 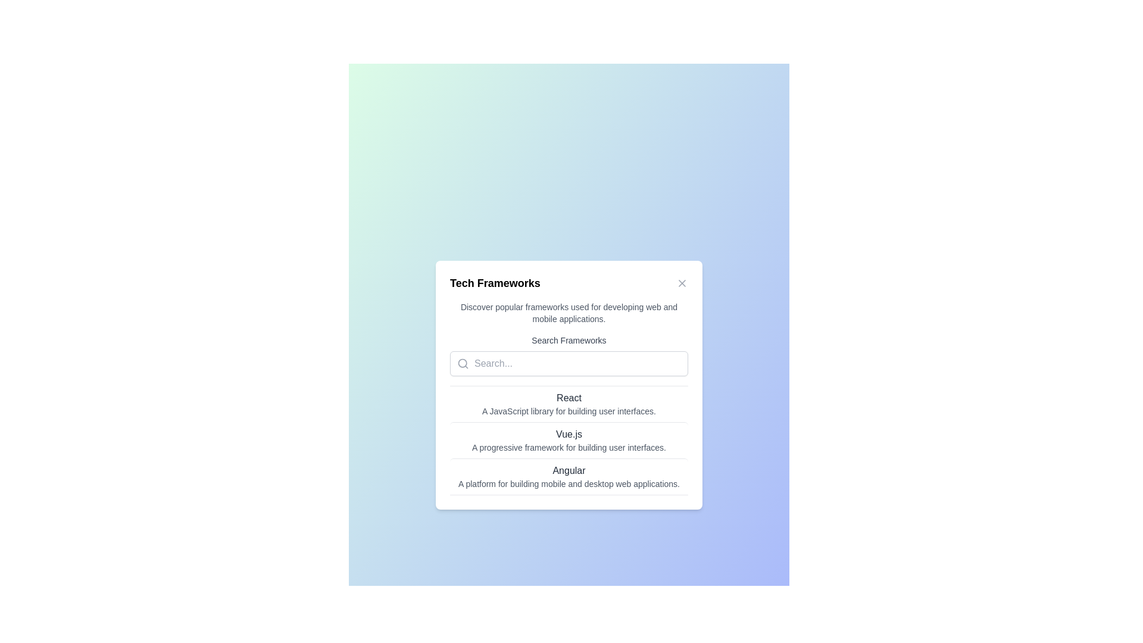 What do you see at coordinates (568, 312) in the screenshot?
I see `informational subtitle text located in the interactive card titled 'Tech Frameworks', which is positioned below the title and above the label 'Search Frameworks'` at bounding box center [568, 312].